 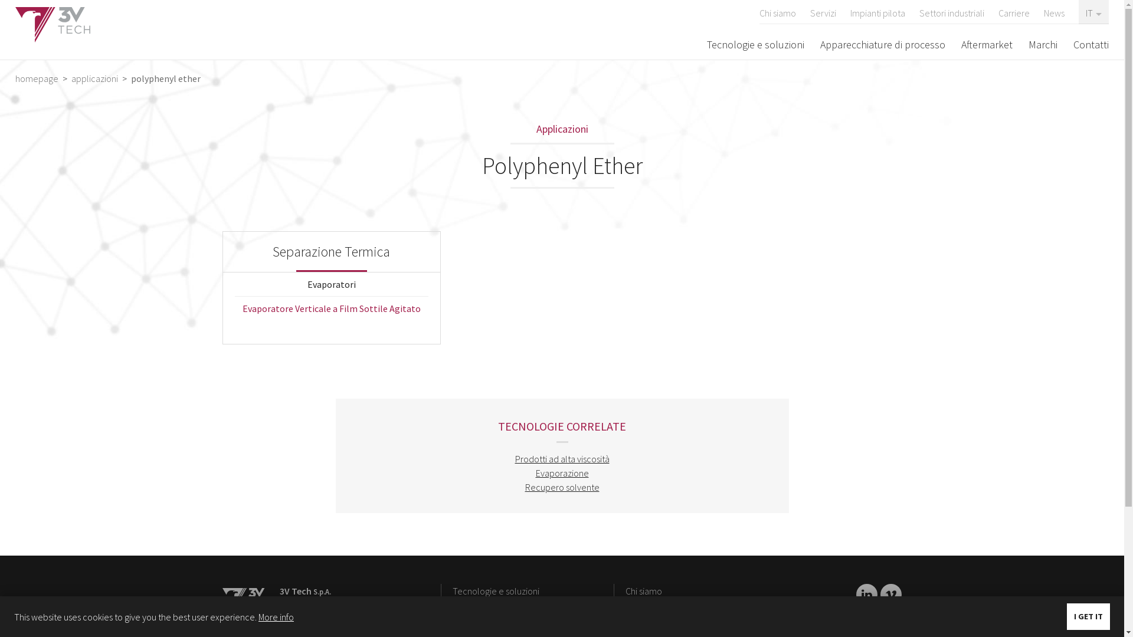 I want to click on 'Marchi', so click(x=1043, y=43).